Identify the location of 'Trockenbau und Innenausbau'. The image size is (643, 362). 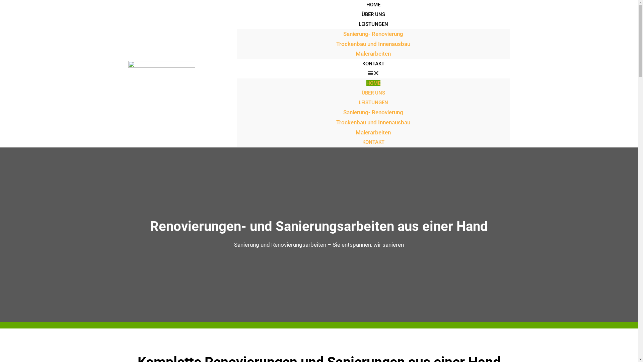
(373, 122).